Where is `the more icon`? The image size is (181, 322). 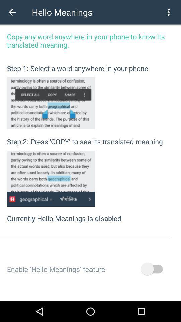 the more icon is located at coordinates (168, 13).